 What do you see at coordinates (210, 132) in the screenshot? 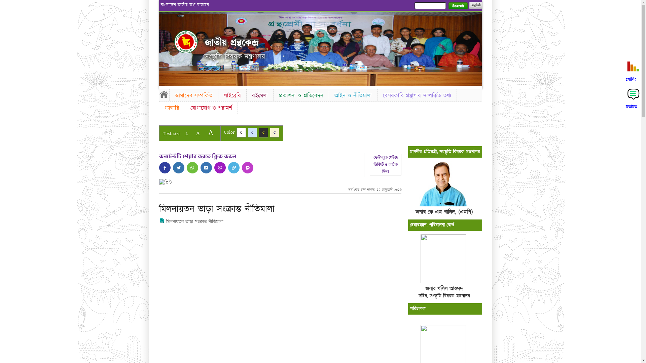
I see `'A'` at bounding box center [210, 132].